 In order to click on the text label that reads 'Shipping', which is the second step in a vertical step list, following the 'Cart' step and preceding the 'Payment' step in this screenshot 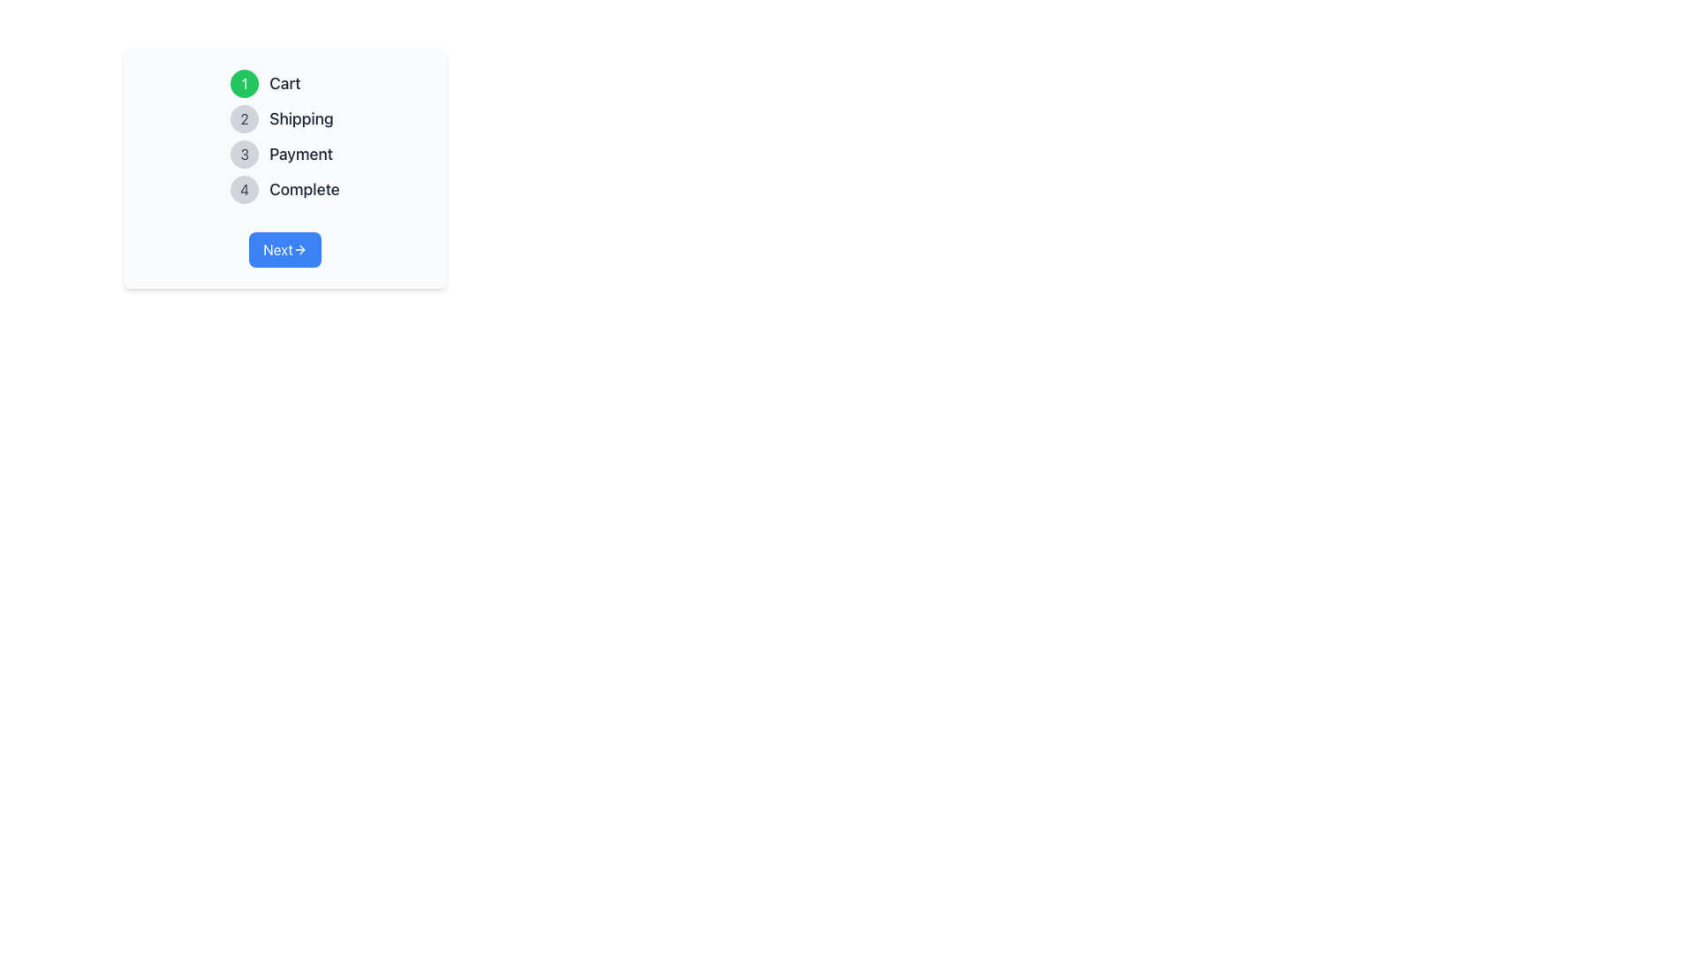, I will do `click(301, 119)`.